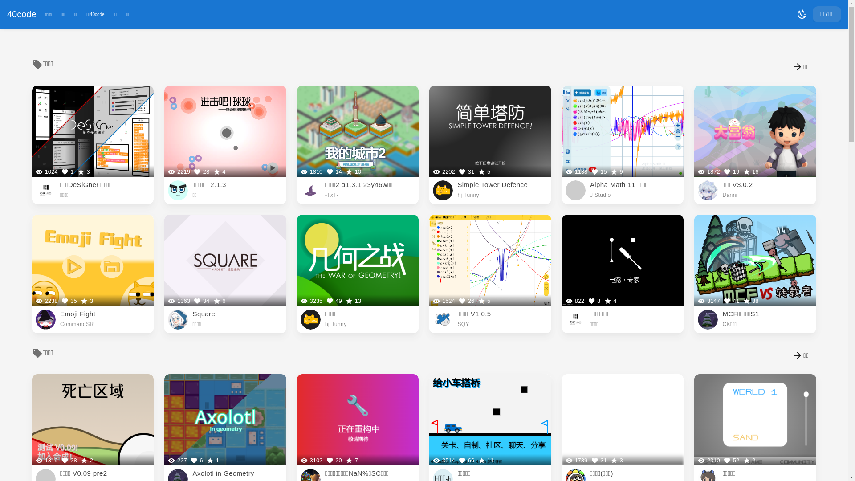  I want to click on '40code', so click(21, 14).